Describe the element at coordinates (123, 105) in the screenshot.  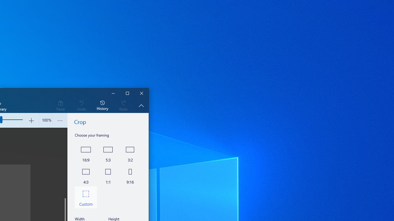
I see `'Redo'` at that location.